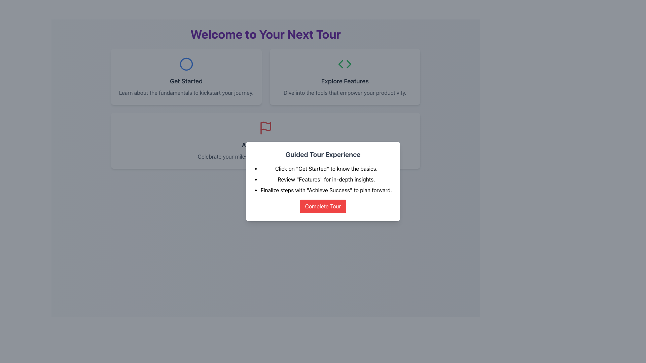 The image size is (646, 363). What do you see at coordinates (186, 64) in the screenshot?
I see `Circle SVG element located in the upper-left quadrant of the page, directly above the 'Get Started' text` at bounding box center [186, 64].